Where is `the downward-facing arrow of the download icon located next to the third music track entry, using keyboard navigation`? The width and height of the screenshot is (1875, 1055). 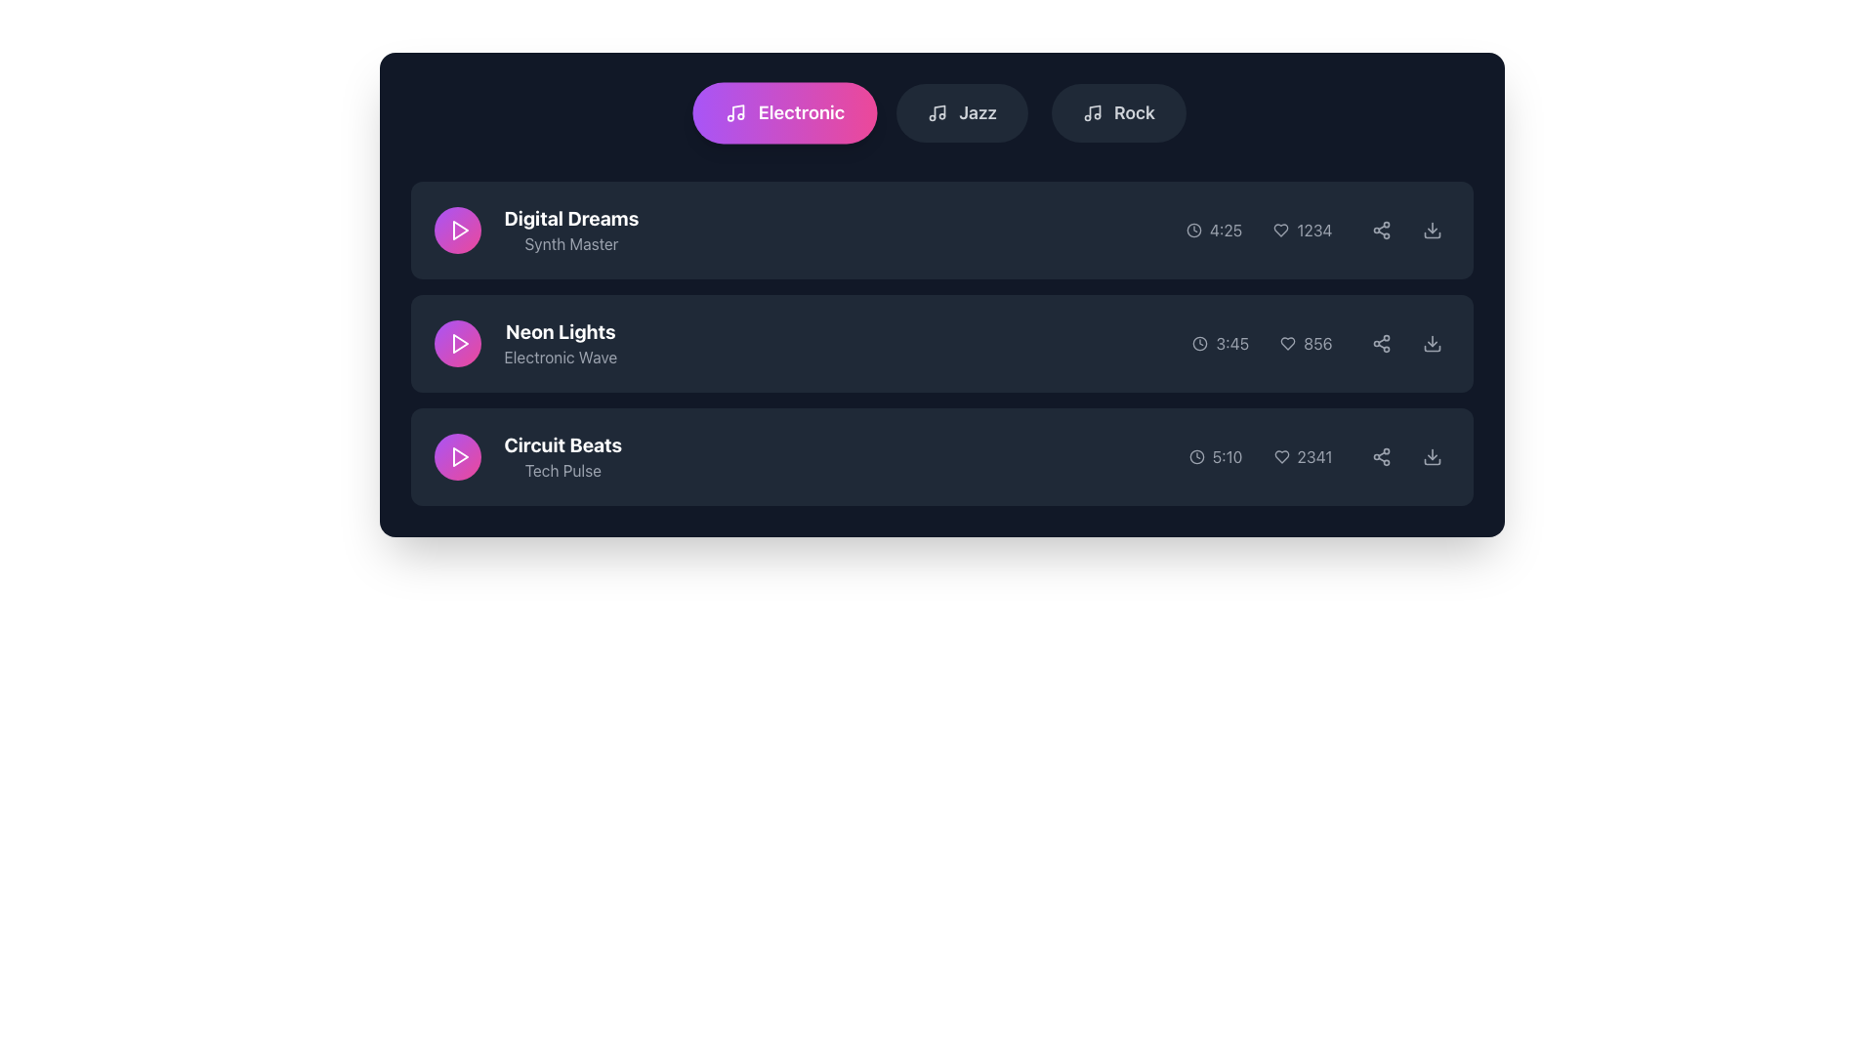 the downward-facing arrow of the download icon located next to the third music track entry, using keyboard navigation is located at coordinates (1432, 462).